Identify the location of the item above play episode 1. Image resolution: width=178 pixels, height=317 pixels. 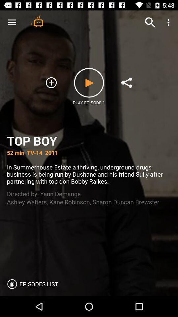
(89, 82).